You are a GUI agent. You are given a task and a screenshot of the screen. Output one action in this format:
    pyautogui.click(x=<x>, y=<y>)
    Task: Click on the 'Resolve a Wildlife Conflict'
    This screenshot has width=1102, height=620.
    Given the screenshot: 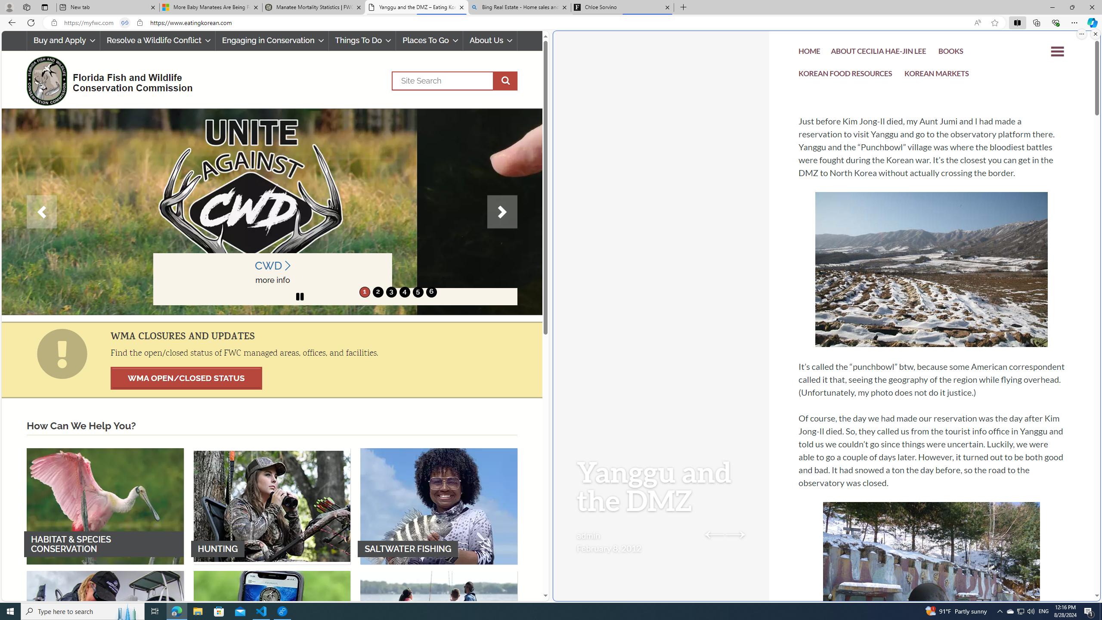 What is the action you would take?
    pyautogui.click(x=158, y=40)
    